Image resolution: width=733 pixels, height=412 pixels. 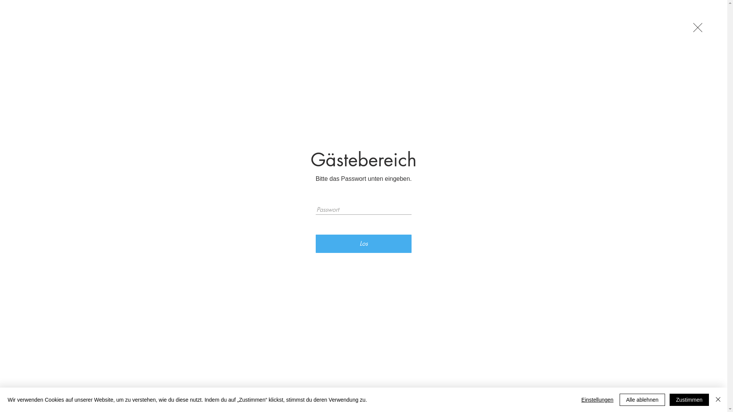 What do you see at coordinates (363, 244) in the screenshot?
I see `'Los'` at bounding box center [363, 244].